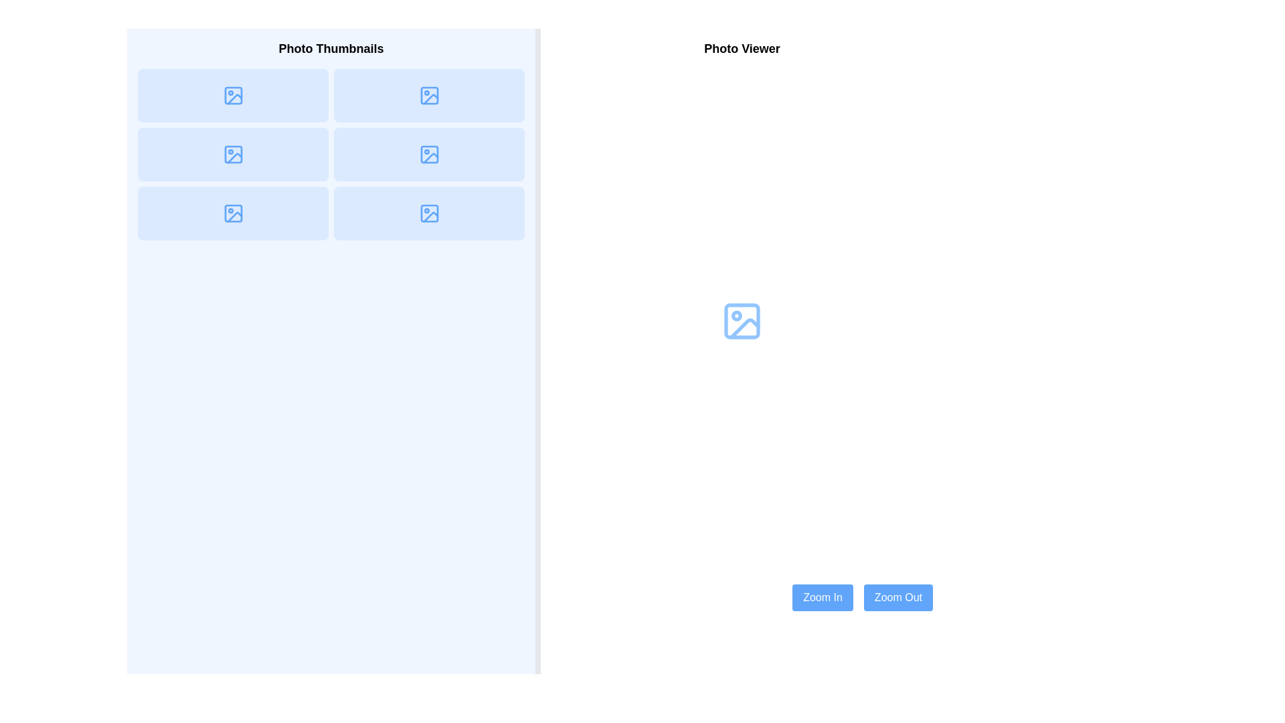 This screenshot has width=1285, height=723. Describe the element at coordinates (233, 154) in the screenshot. I see `the Image Thumbnail Placeholder located` at that location.